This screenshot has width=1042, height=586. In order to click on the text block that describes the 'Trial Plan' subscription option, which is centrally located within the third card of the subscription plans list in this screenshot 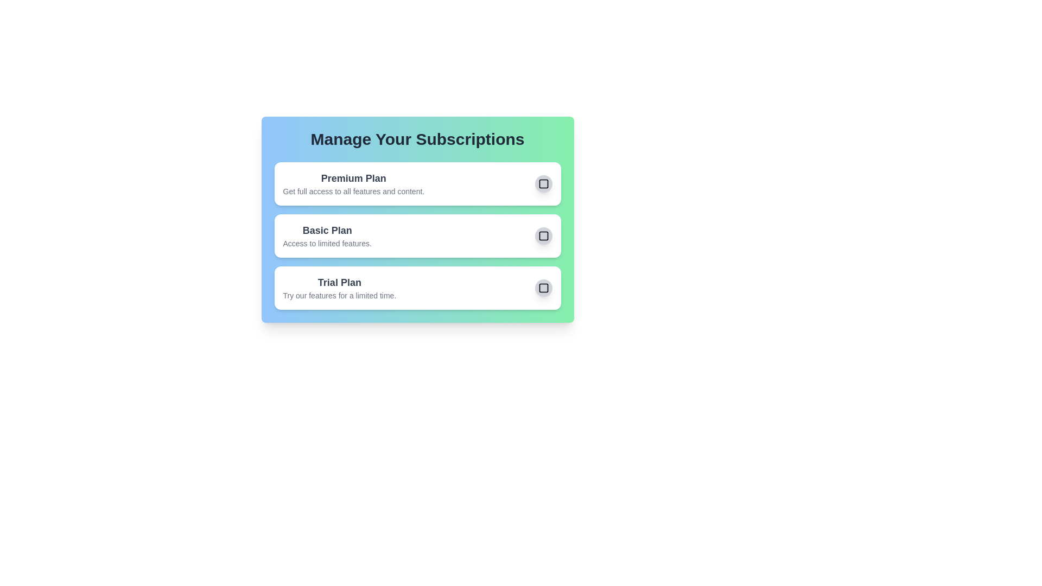, I will do `click(339, 288)`.